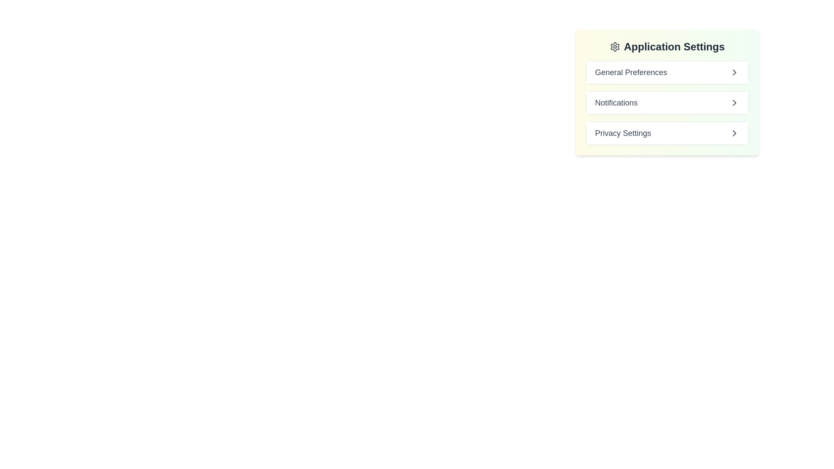 The height and width of the screenshot is (469, 834). What do you see at coordinates (667, 102) in the screenshot?
I see `the 'Notifications' button, which is the second item in the list under 'Application Settings', styled with a white background and a chevron arrow on the right` at bounding box center [667, 102].